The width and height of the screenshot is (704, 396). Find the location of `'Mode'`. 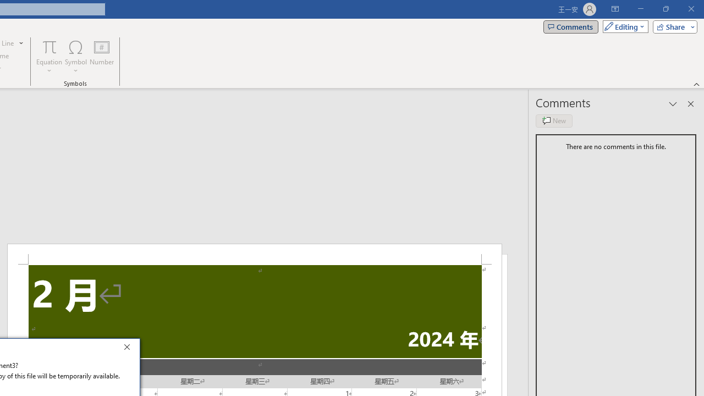

'Mode' is located at coordinates (623, 26).